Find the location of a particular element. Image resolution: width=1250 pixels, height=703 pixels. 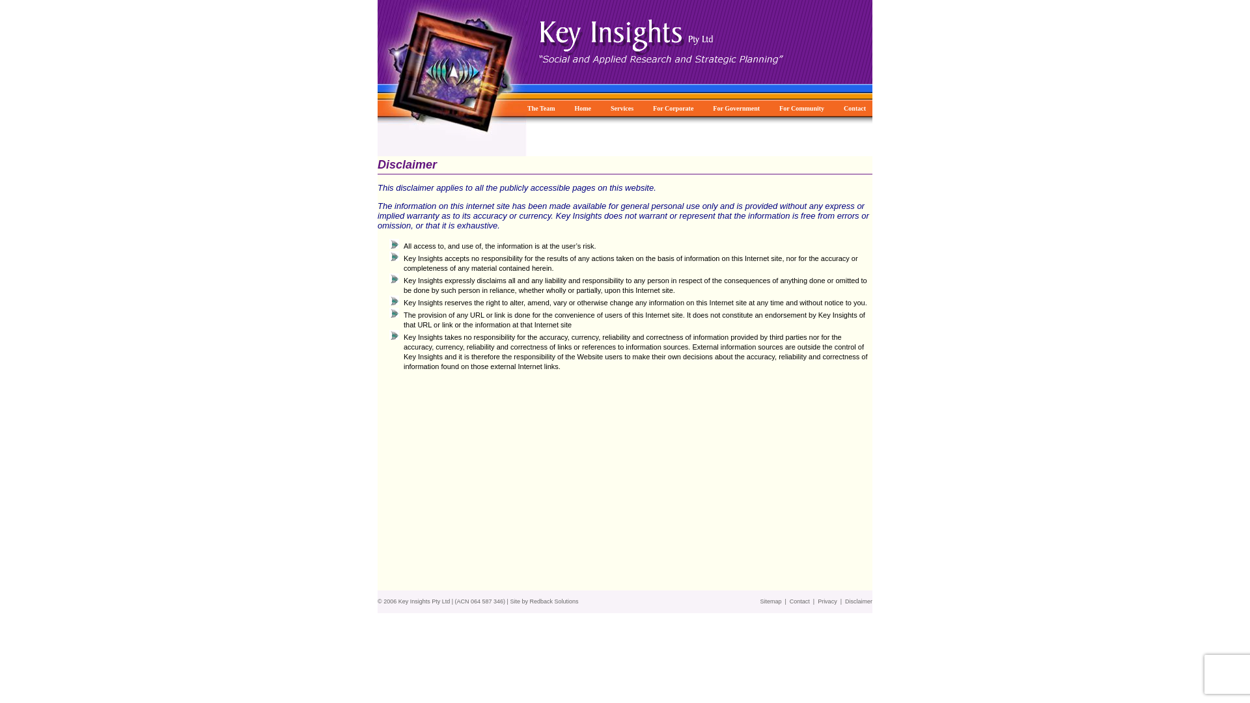

'Site by Redback Solutions' is located at coordinates (544, 601).